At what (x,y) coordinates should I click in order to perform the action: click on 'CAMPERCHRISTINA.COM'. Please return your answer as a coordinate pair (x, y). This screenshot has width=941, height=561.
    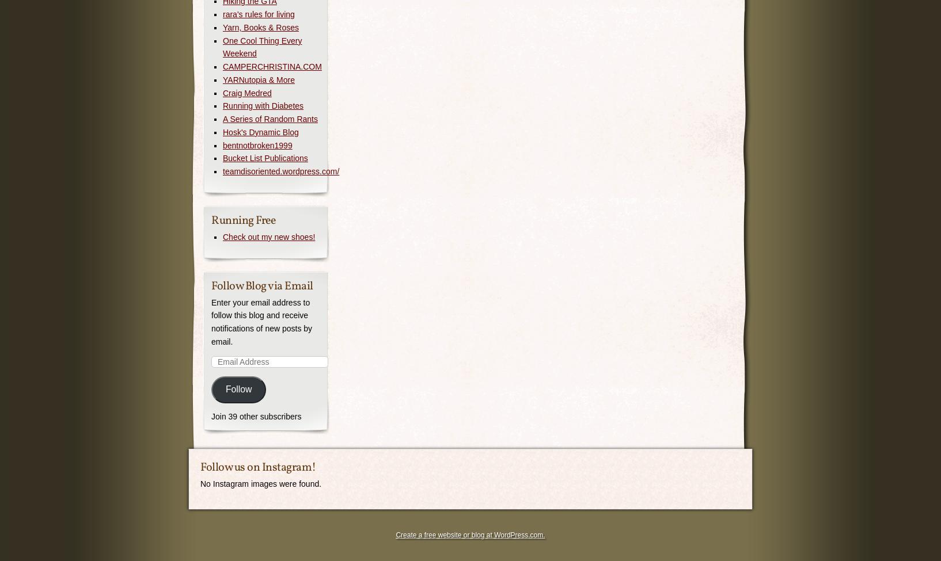
    Looking at the image, I should click on (222, 66).